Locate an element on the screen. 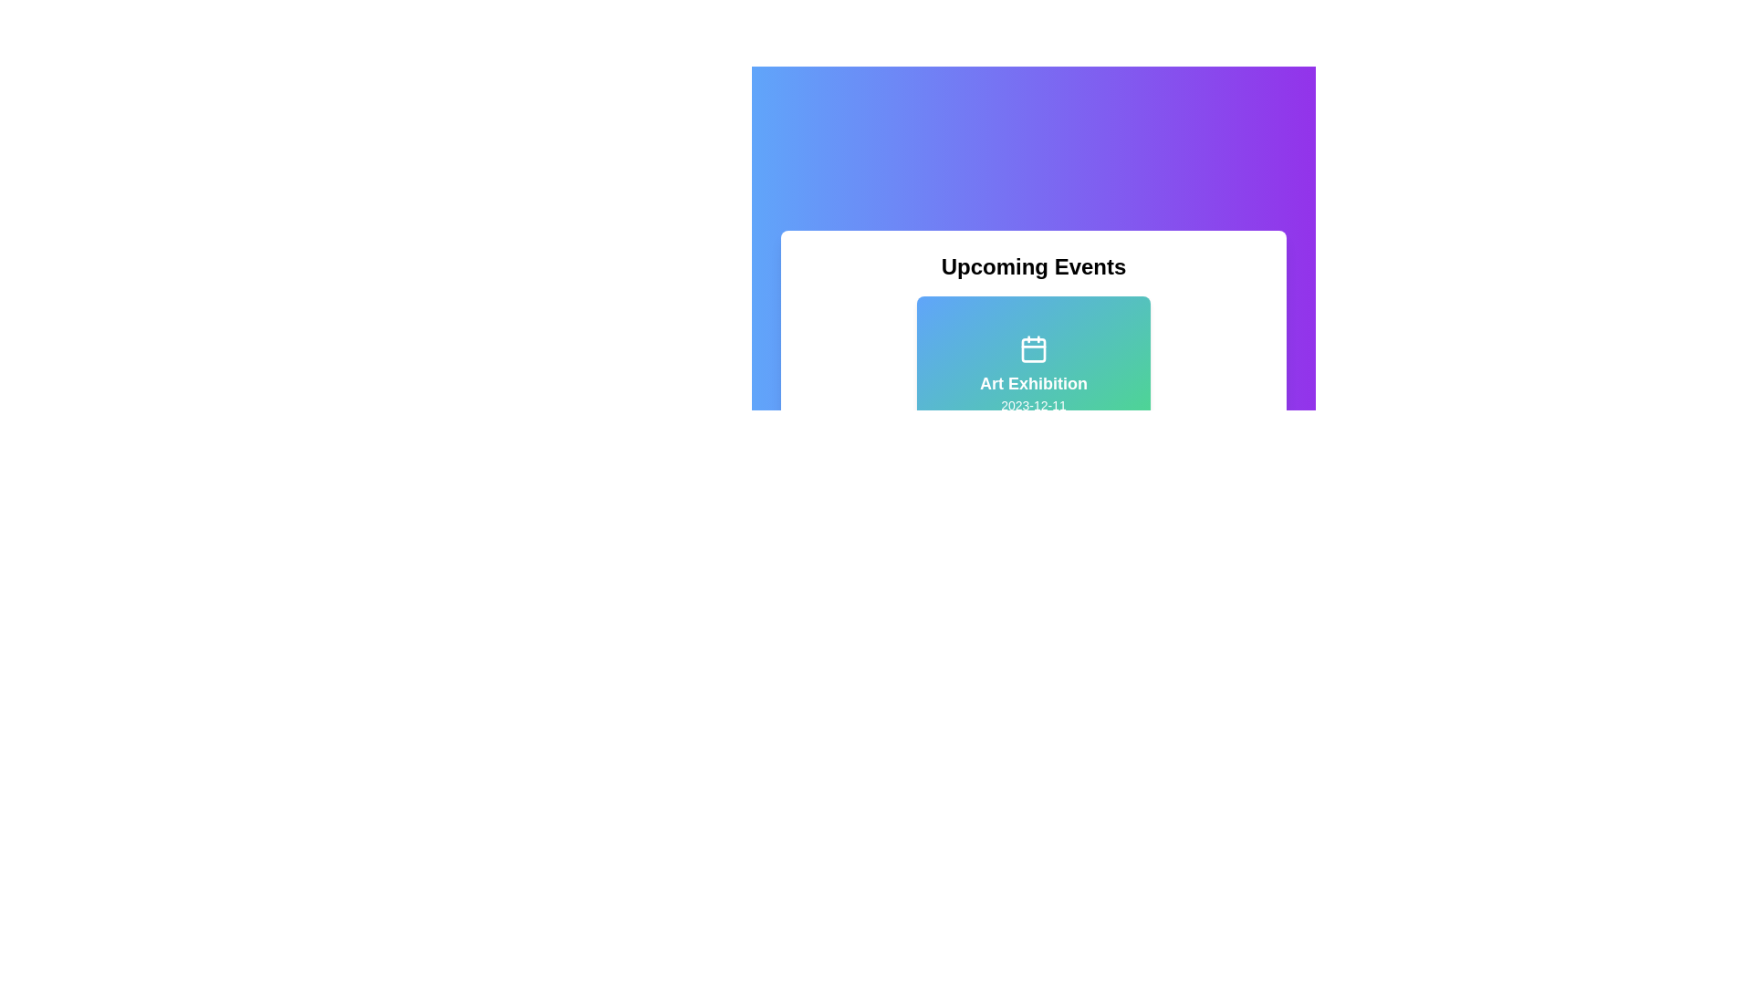 This screenshot has width=1752, height=985. the bold title text 'Upcoming Events' which is prominently placed at the start of the section is located at coordinates (1033, 267).